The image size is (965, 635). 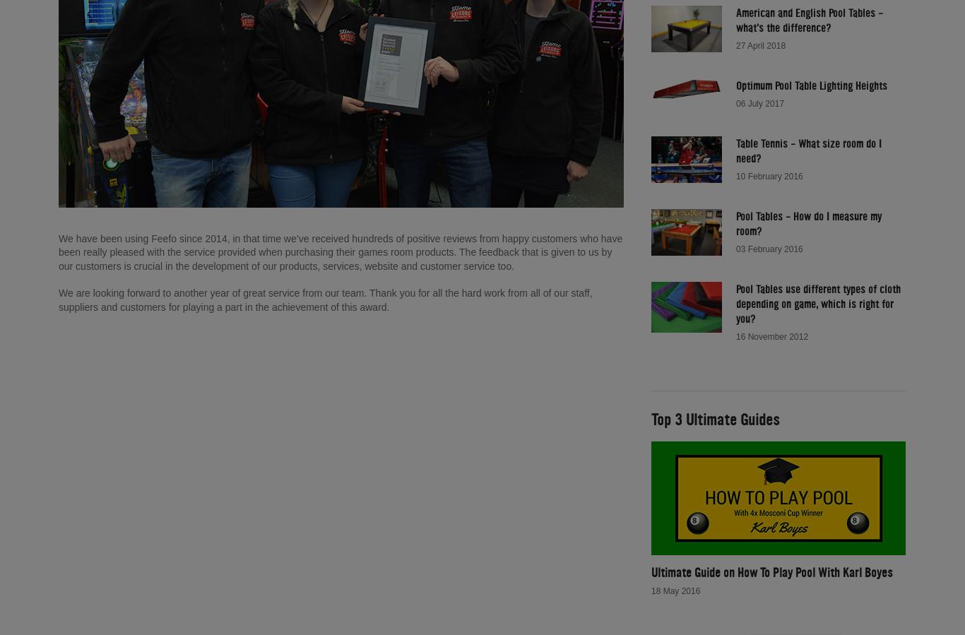 What do you see at coordinates (759, 102) in the screenshot?
I see `'06 July 2017'` at bounding box center [759, 102].